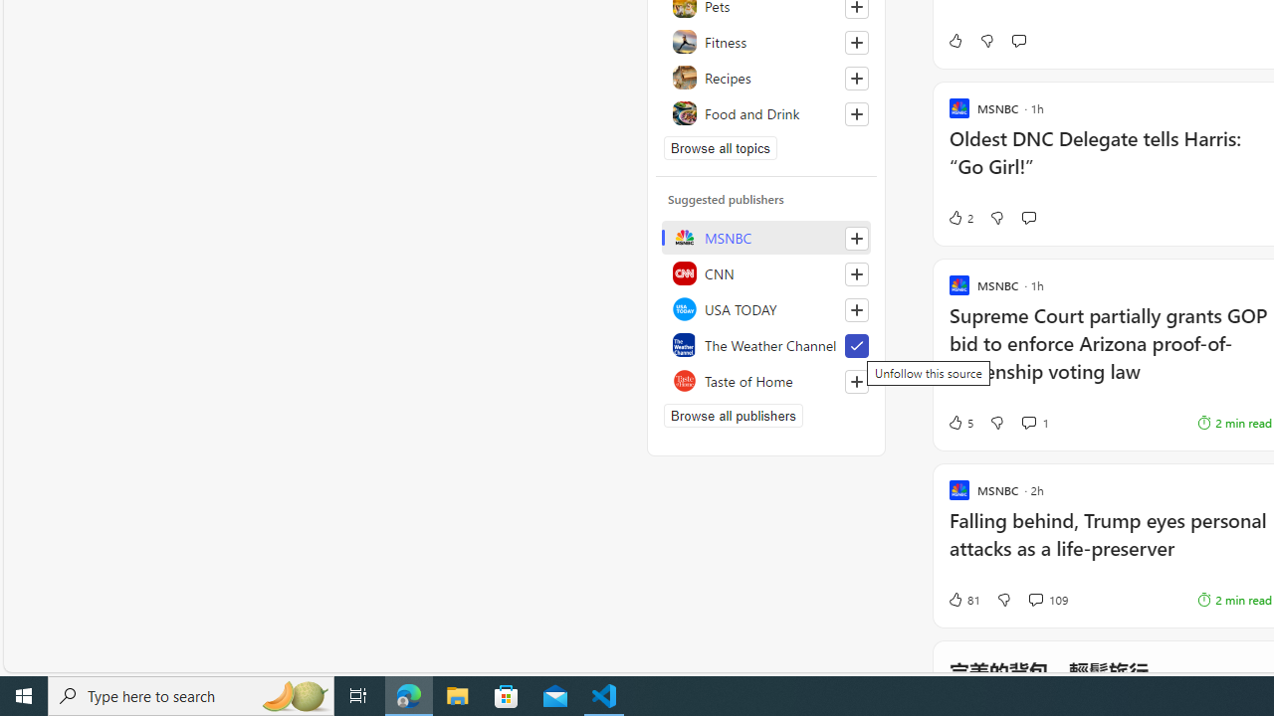  Describe the element at coordinates (720, 147) in the screenshot. I see `'Browse all topics'` at that location.